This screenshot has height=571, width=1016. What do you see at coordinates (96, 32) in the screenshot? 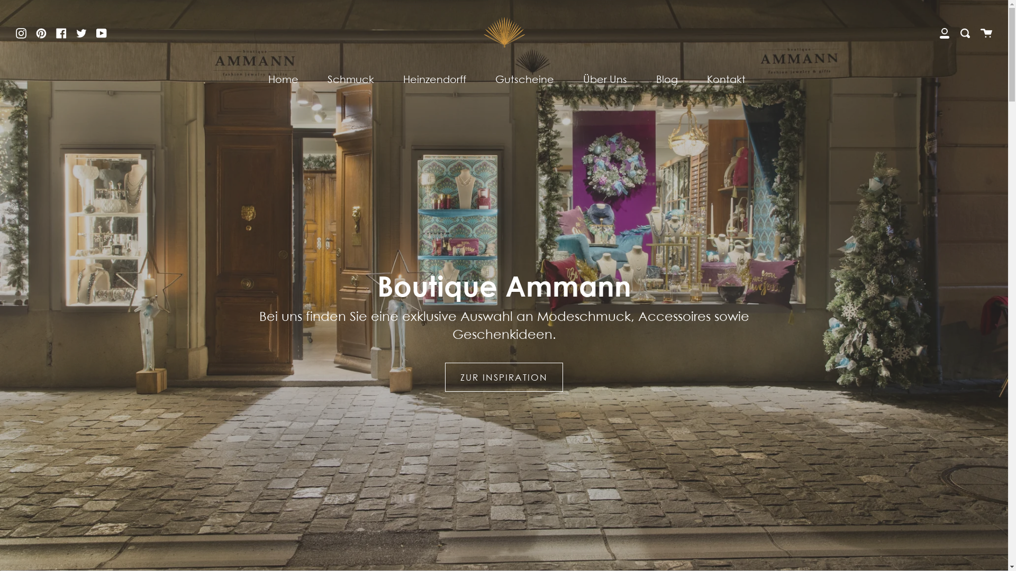
I see `'YouTube'` at bounding box center [96, 32].